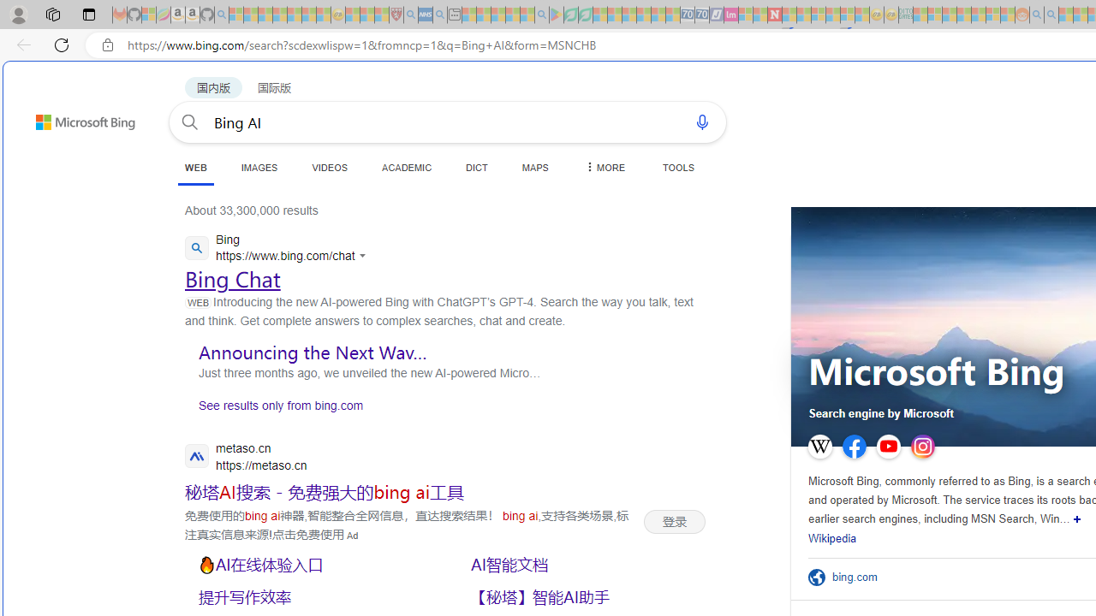 The height and width of the screenshot is (616, 1096). What do you see at coordinates (74, 117) in the screenshot?
I see `'Back to Bing search'` at bounding box center [74, 117].